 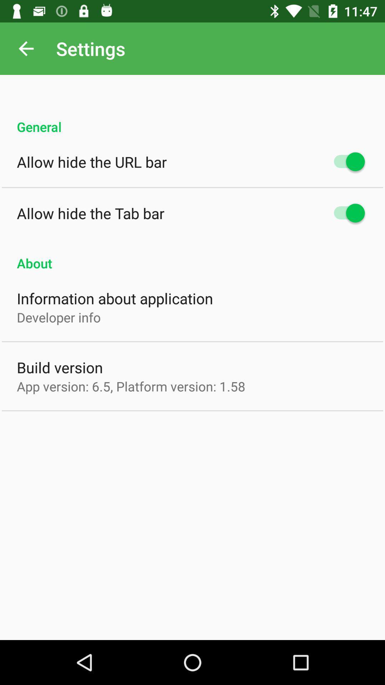 What do you see at coordinates (58, 317) in the screenshot?
I see `the icon above the build version icon` at bounding box center [58, 317].